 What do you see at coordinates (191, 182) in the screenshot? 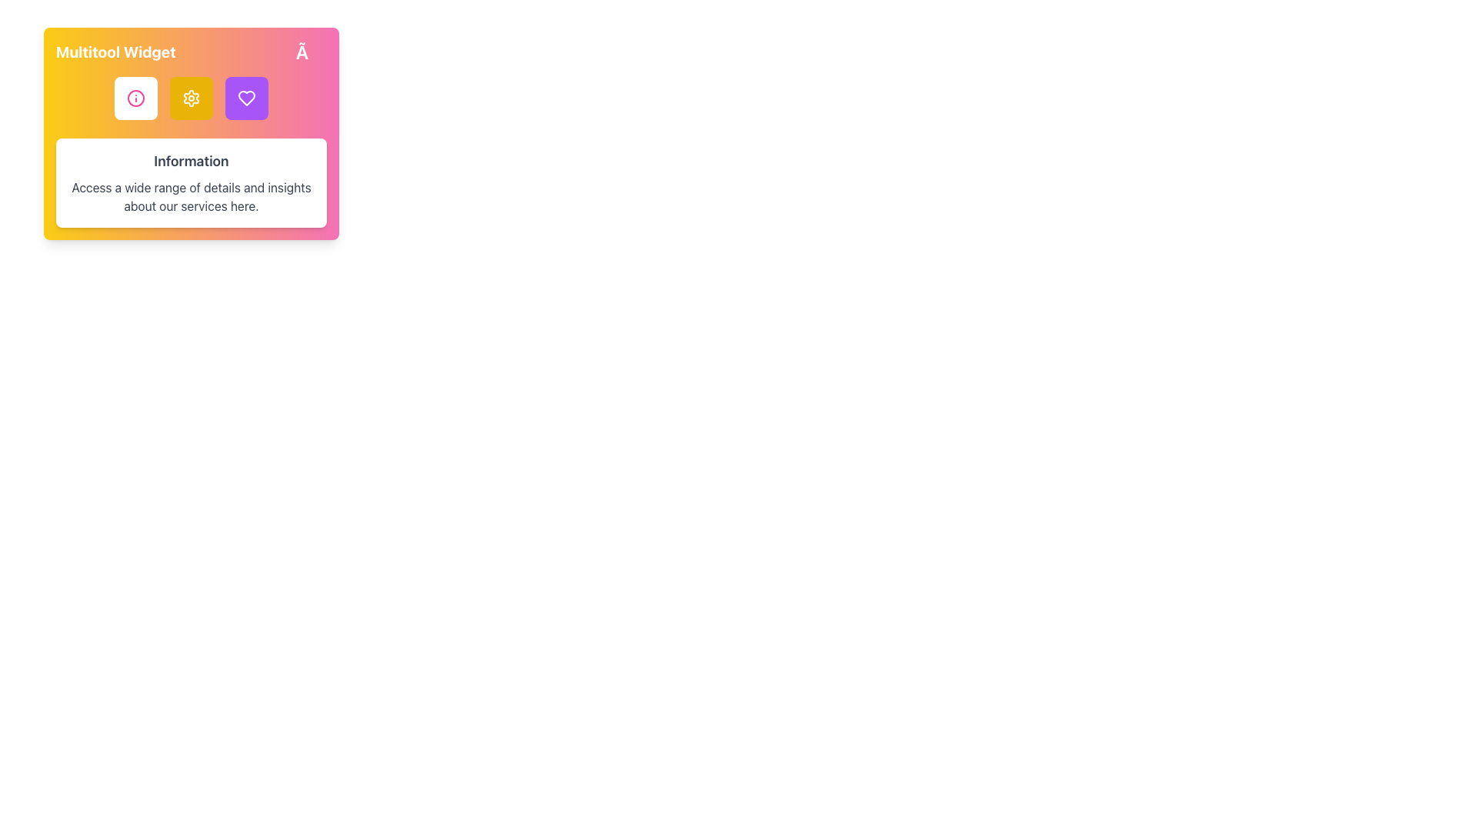
I see `information presented in the text block titled 'Information', which contains a paragraph describing the services offered` at bounding box center [191, 182].